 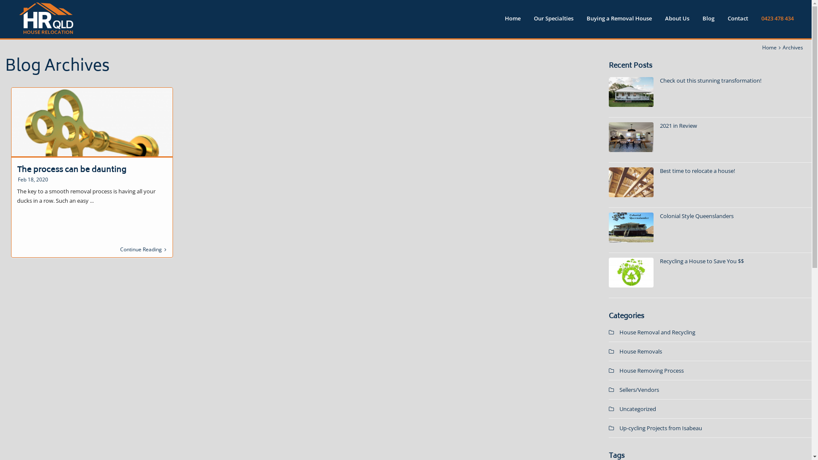 What do you see at coordinates (677, 21) in the screenshot?
I see `'About Us'` at bounding box center [677, 21].